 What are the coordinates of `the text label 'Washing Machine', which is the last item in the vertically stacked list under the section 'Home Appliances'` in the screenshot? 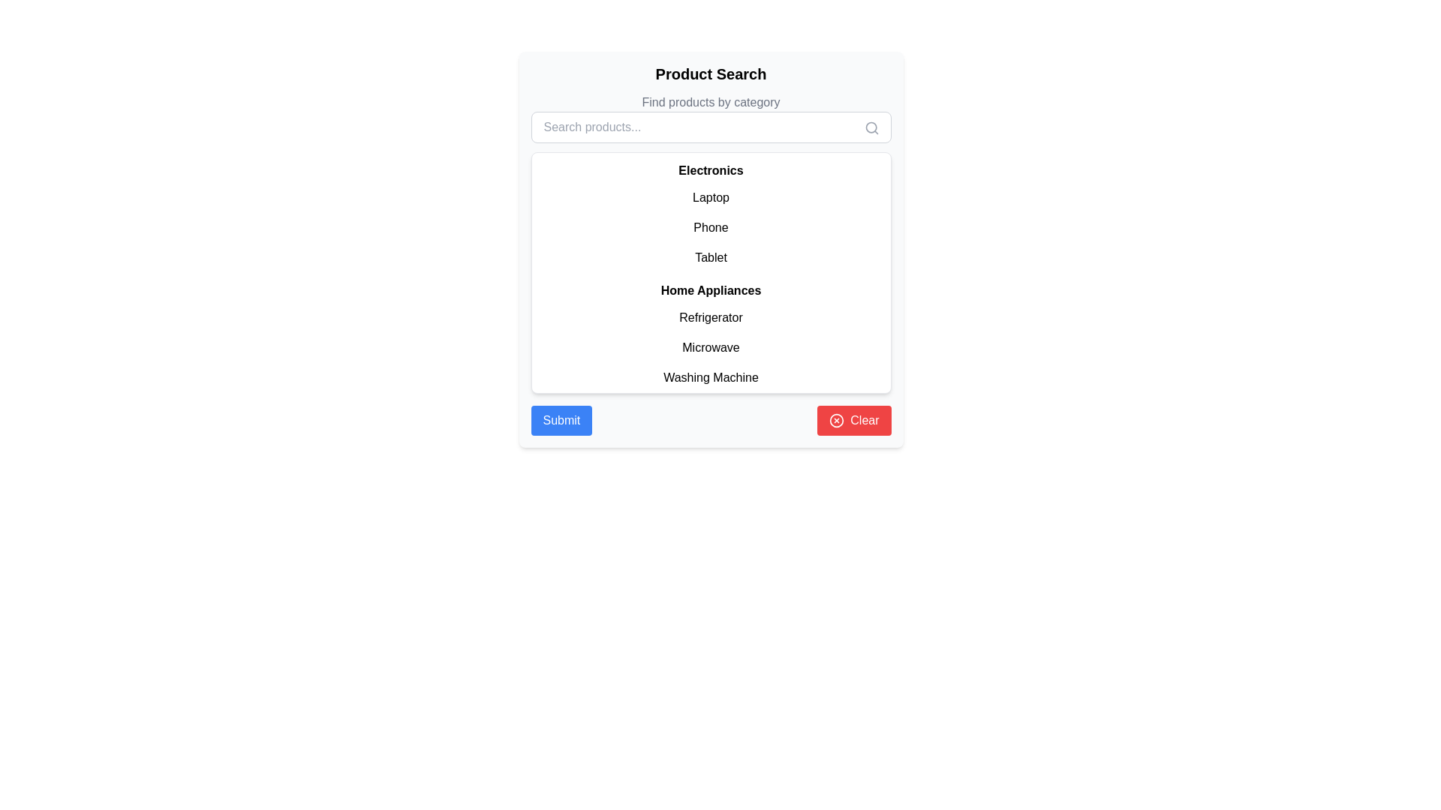 It's located at (710, 377).